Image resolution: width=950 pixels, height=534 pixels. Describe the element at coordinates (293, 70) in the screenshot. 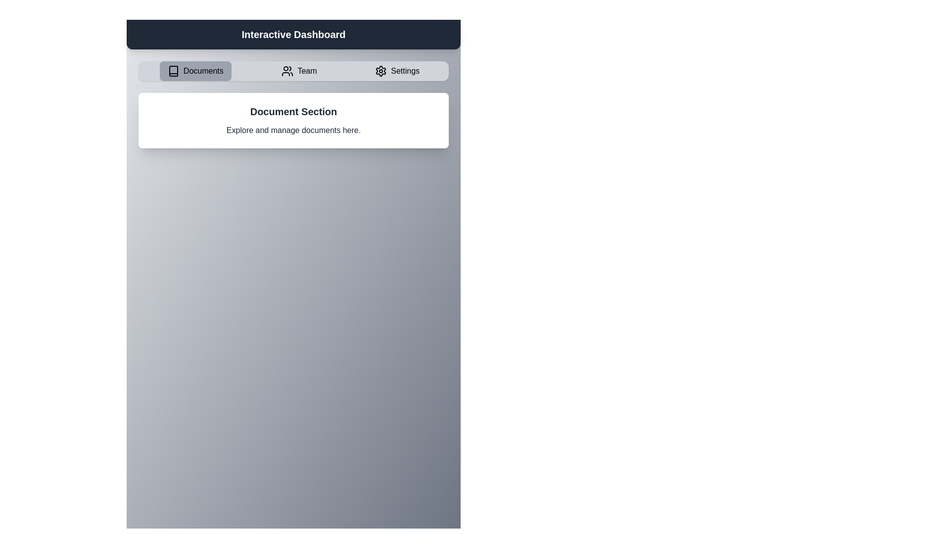

I see `the 'Team' item in the Navigation bar located below the 'Interactive Dashboard' header to observe its hover effect` at that location.